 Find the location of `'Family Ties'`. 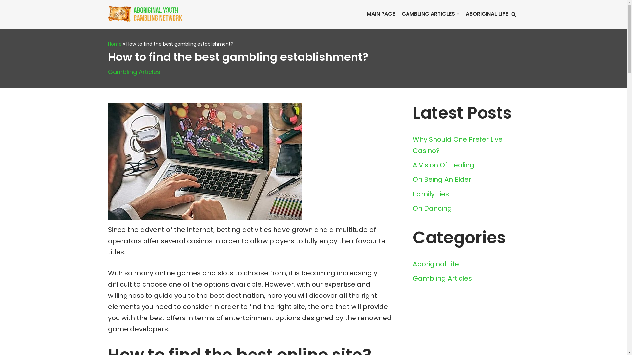

'Family Ties' is located at coordinates (431, 194).